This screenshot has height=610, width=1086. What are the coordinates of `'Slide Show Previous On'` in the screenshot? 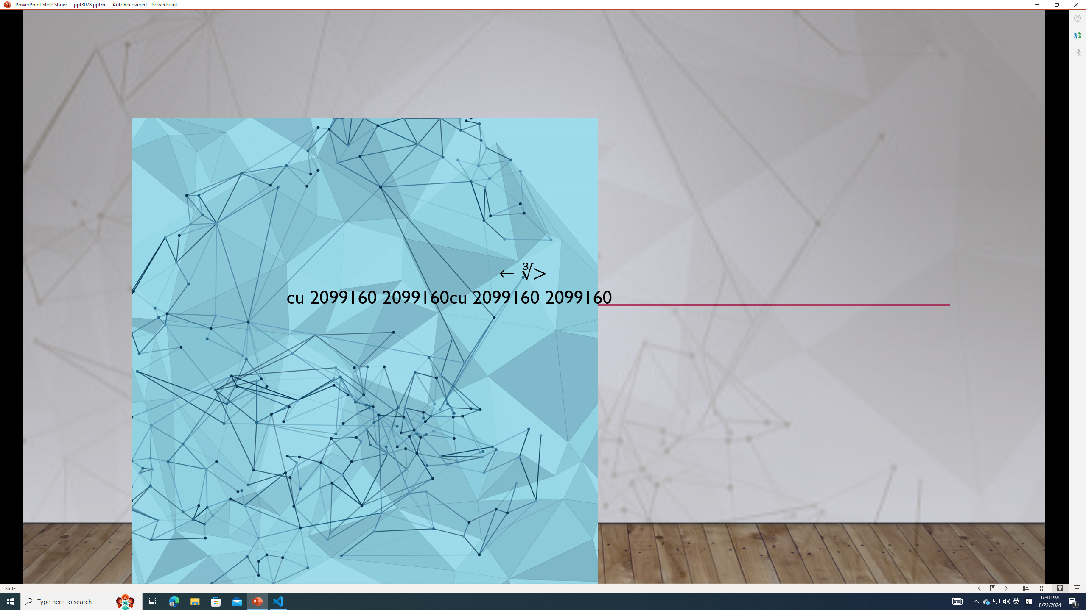 It's located at (979, 588).